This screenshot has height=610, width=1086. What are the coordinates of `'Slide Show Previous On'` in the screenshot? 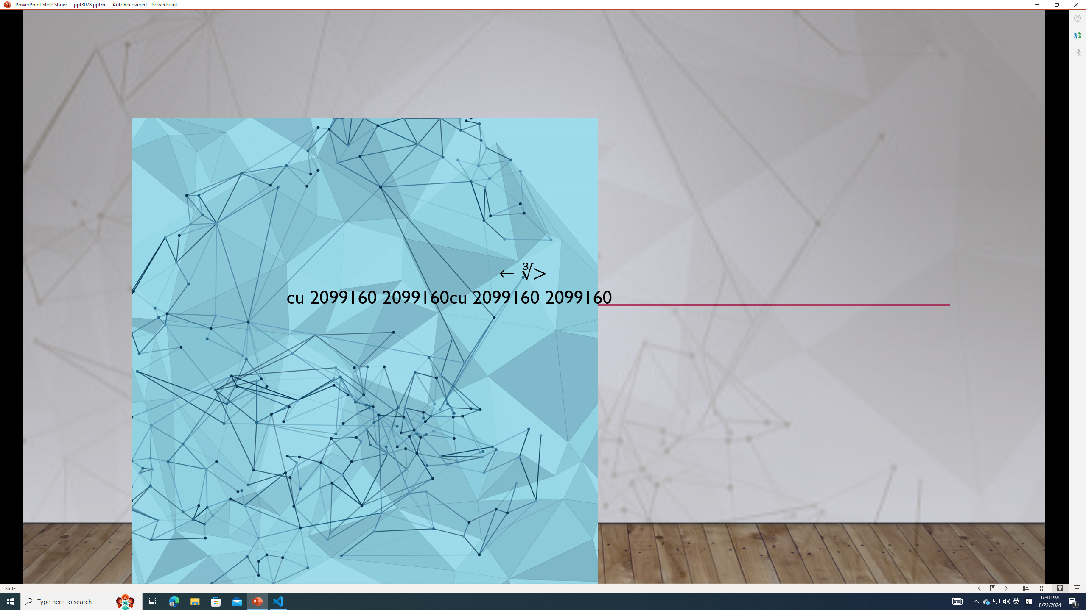 It's located at (979, 588).